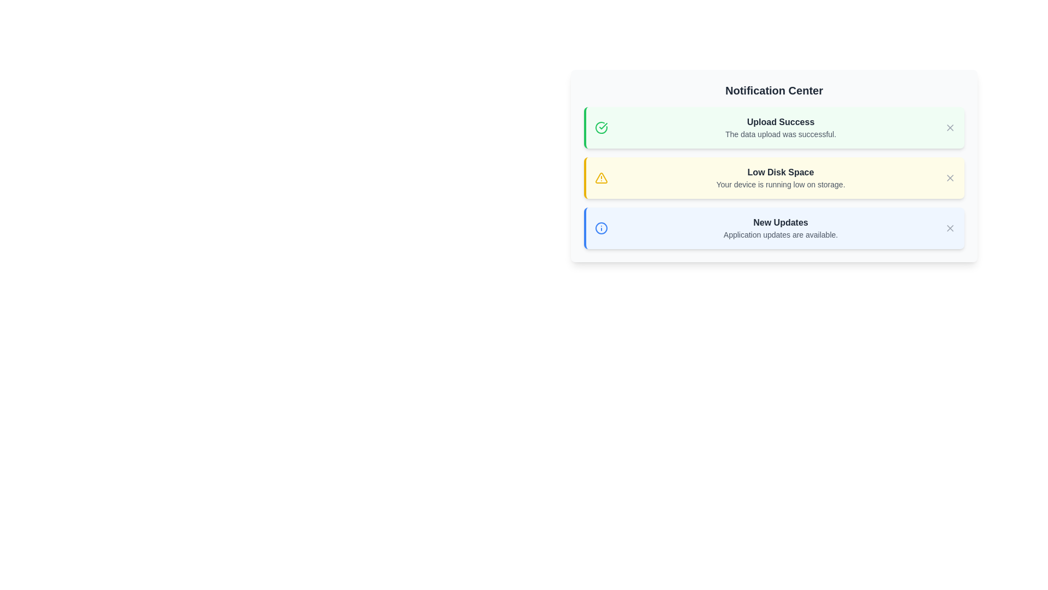 Image resolution: width=1048 pixels, height=590 pixels. What do you see at coordinates (600, 176) in the screenshot?
I see `the yellow triangular icon containing an exclamation mark, which is part of the 'Low Disk Space' notification, to access the accompanying text` at bounding box center [600, 176].